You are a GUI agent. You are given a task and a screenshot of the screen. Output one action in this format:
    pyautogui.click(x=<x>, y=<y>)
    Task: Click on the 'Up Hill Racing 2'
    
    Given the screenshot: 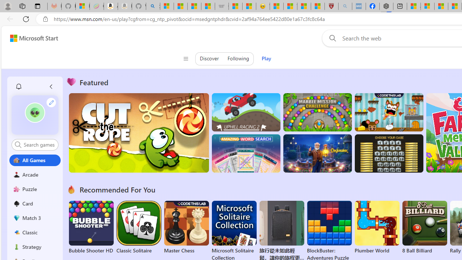 What is the action you would take?
    pyautogui.click(x=246, y=112)
    